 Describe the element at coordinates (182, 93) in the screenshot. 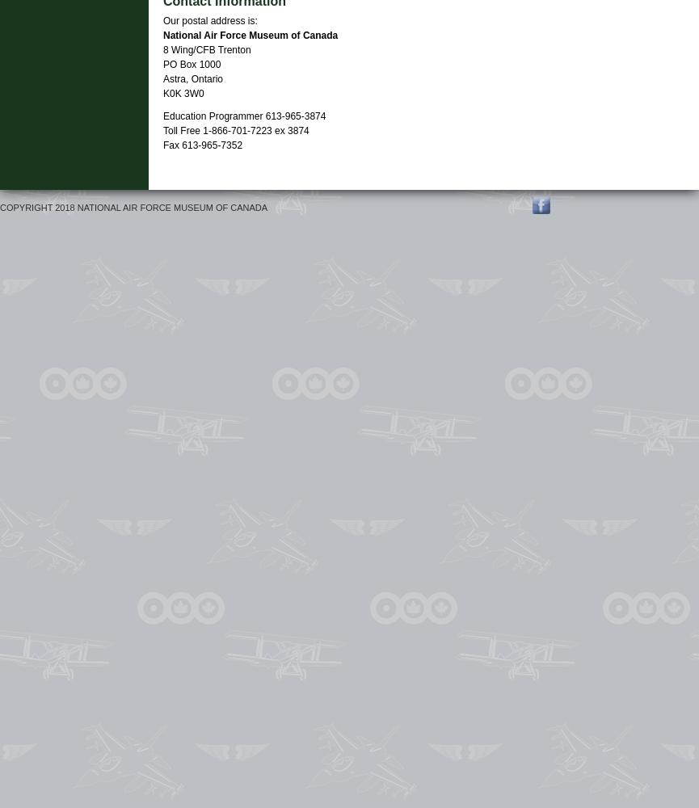

I see `'K0K 3W0'` at that location.